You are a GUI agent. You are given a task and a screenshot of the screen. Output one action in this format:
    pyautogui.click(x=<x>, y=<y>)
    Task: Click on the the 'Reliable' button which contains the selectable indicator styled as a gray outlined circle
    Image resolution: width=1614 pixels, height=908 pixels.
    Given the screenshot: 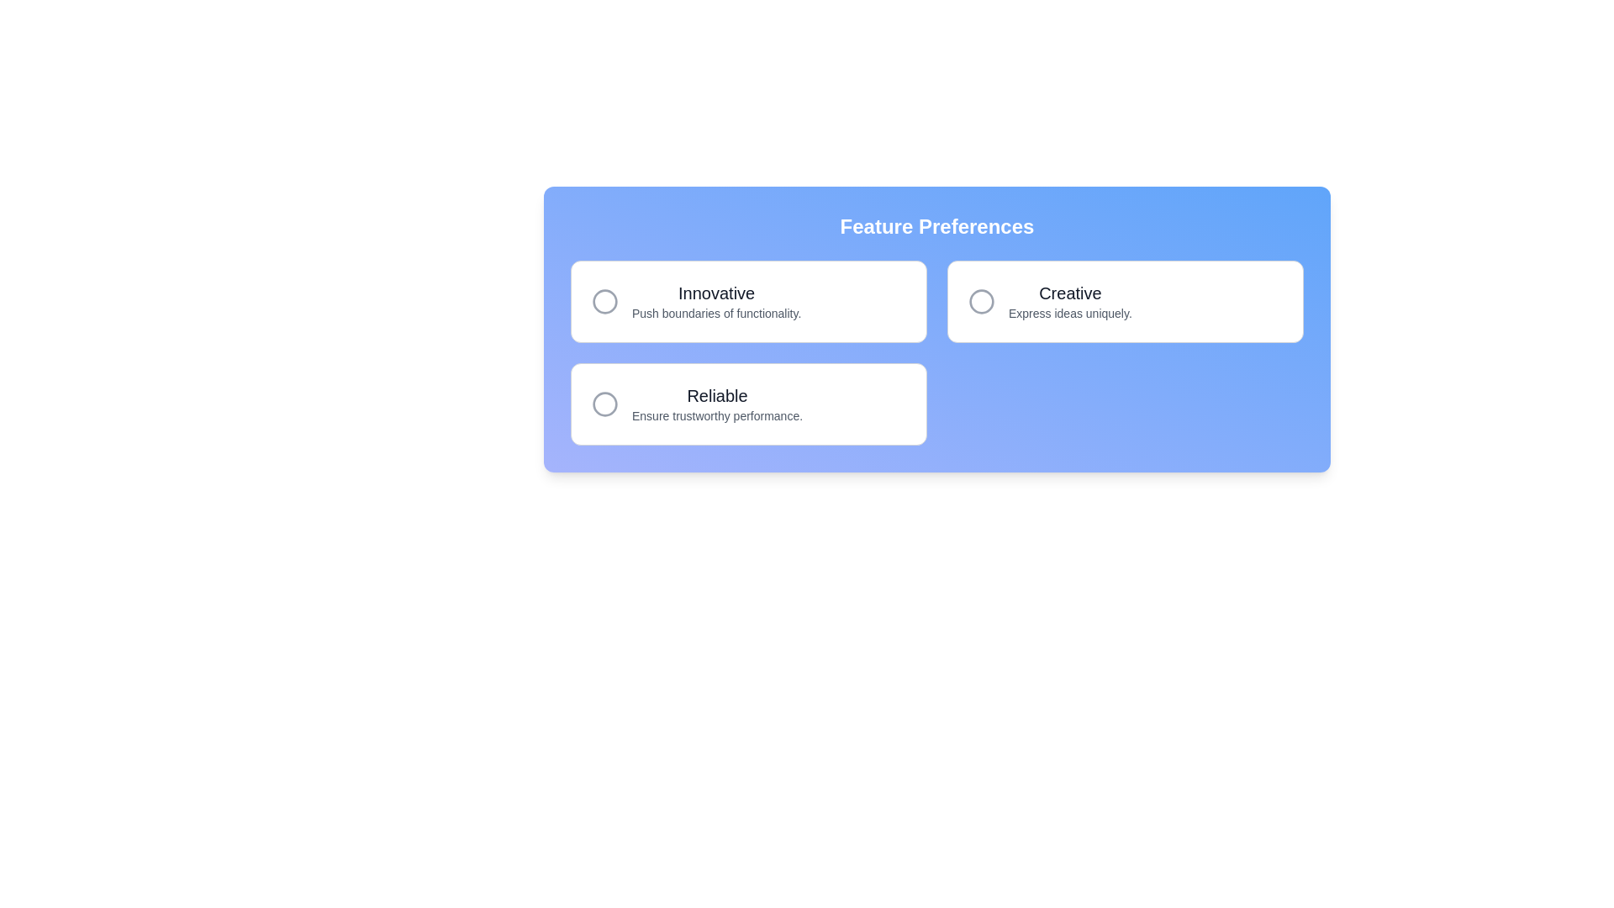 What is the action you would take?
    pyautogui.click(x=605, y=404)
    